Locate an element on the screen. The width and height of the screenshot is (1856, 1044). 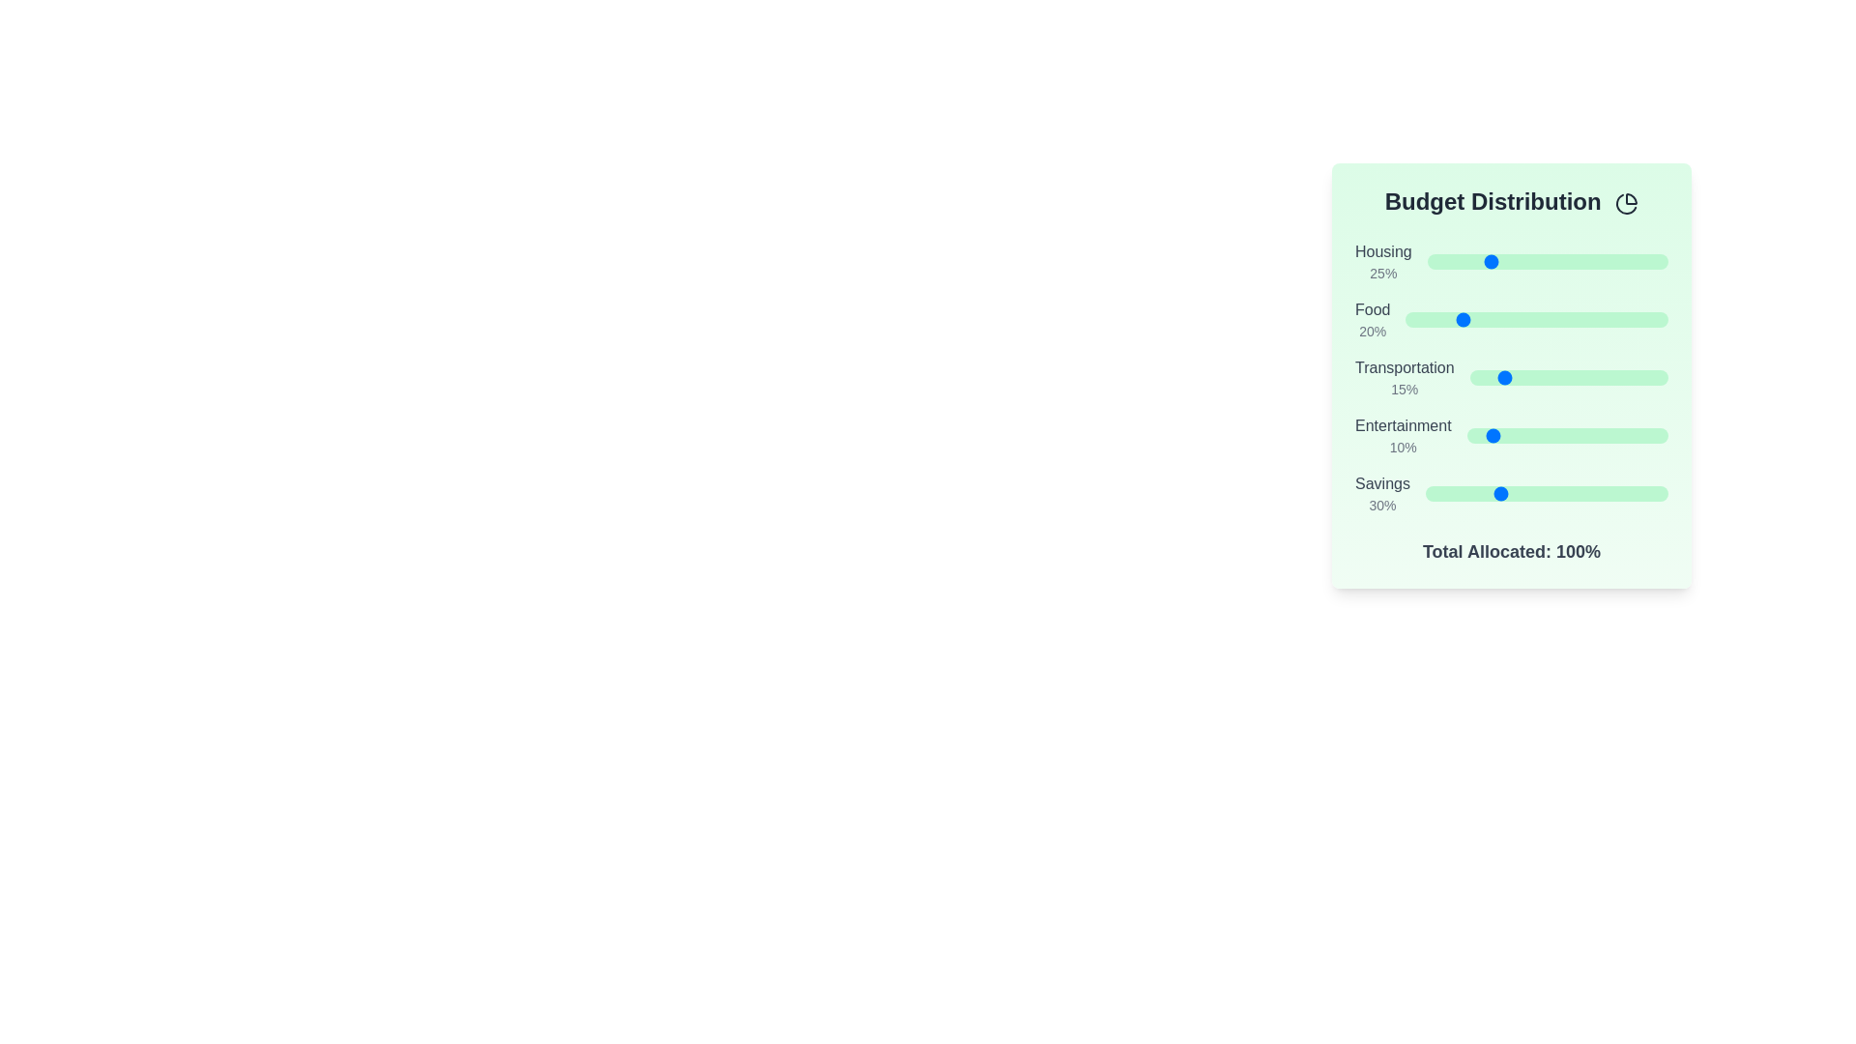
the percentage text for Savings to read it more clearly is located at coordinates (1381, 505).